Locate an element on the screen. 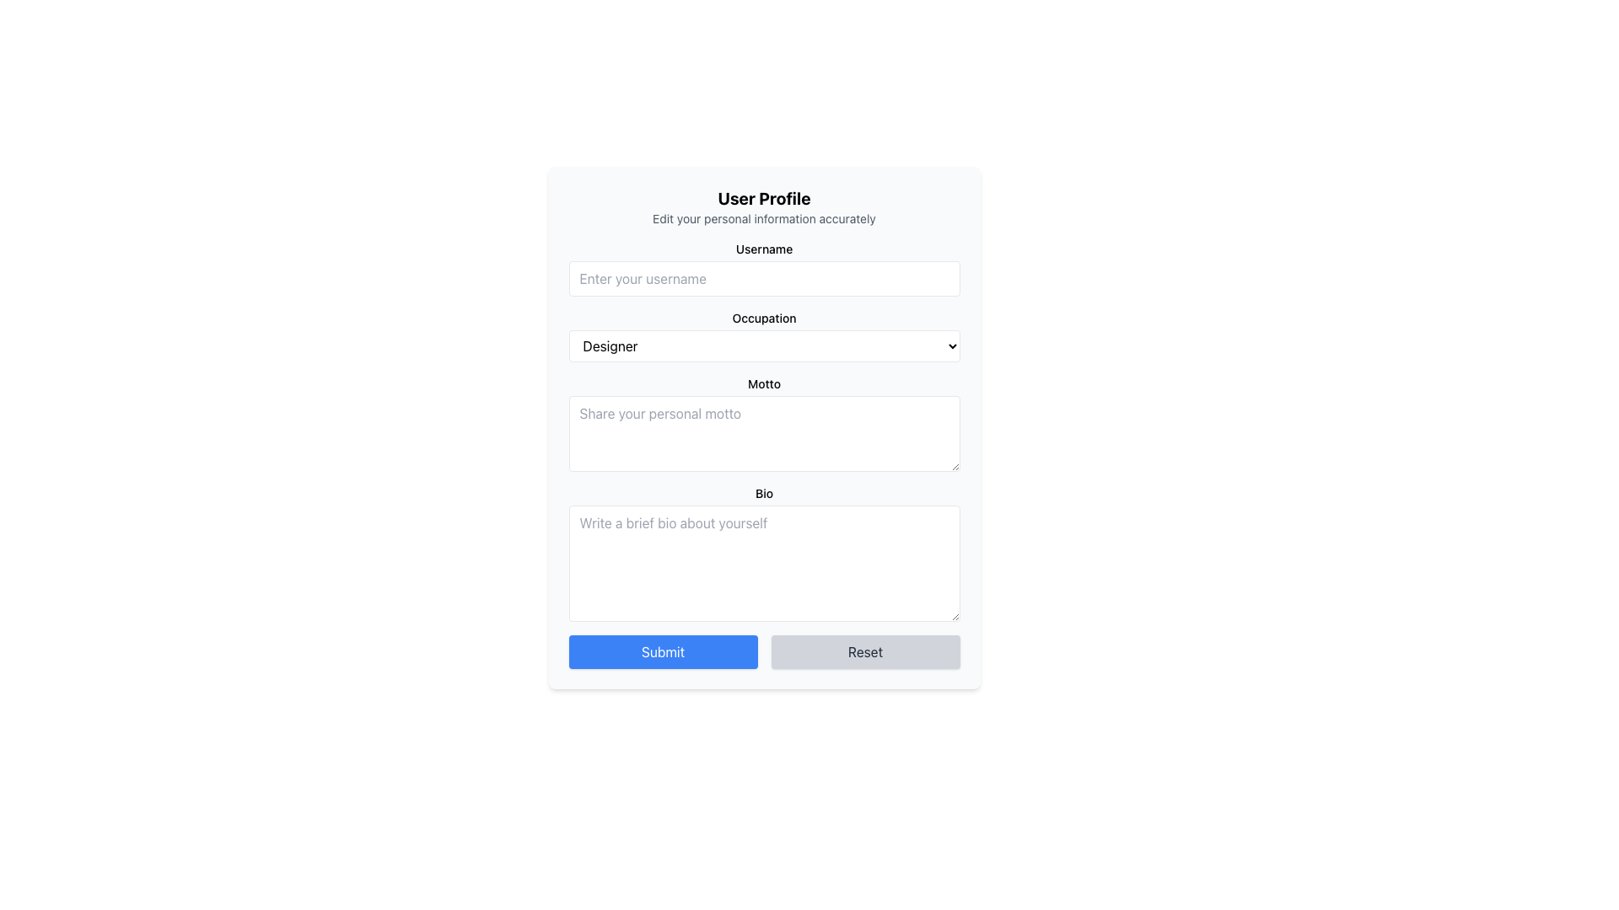 Image resolution: width=1619 pixels, height=910 pixels. an option from the 'Occupation' dropdown menu by clicking on it is located at coordinates (763, 335).